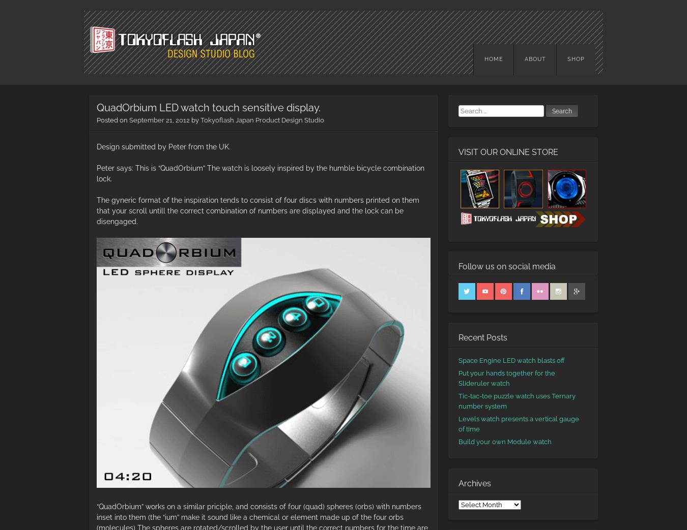 Image resolution: width=687 pixels, height=530 pixels. What do you see at coordinates (106, 106) in the screenshot?
I see `'Design Studio Blog'` at bounding box center [106, 106].